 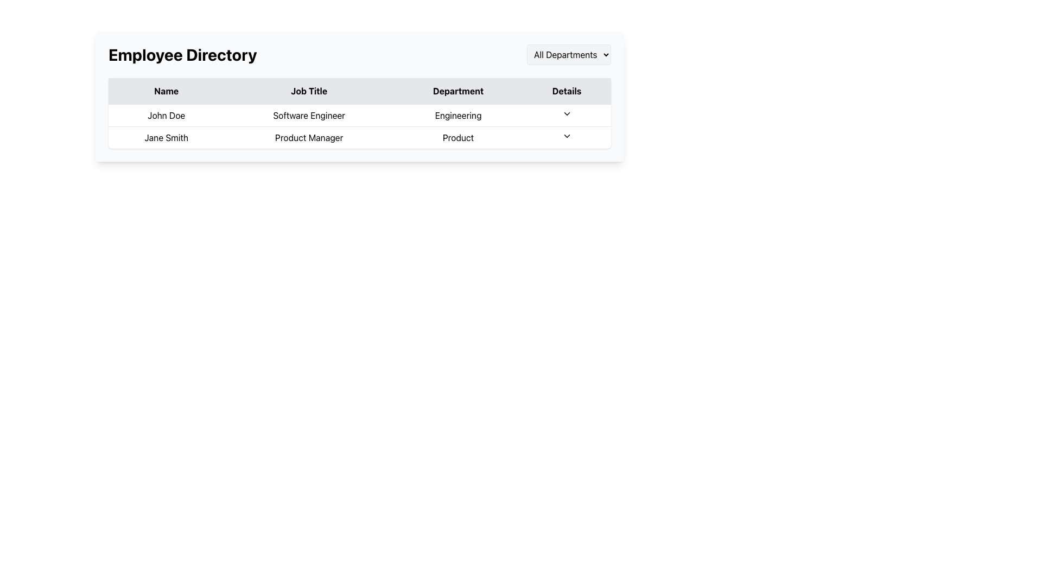 I want to click on the header text label that defines the job titles of employees, located between the 'Name' and 'Department' headers in the employee directory table, so click(x=308, y=91).